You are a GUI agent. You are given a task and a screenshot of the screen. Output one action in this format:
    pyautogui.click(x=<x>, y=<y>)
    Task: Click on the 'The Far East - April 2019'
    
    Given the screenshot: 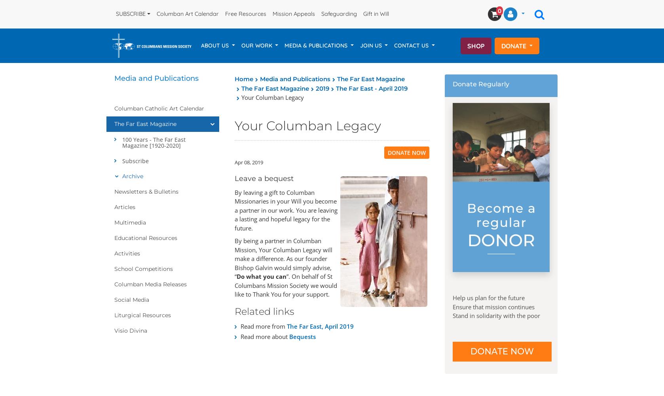 What is the action you would take?
    pyautogui.click(x=372, y=88)
    